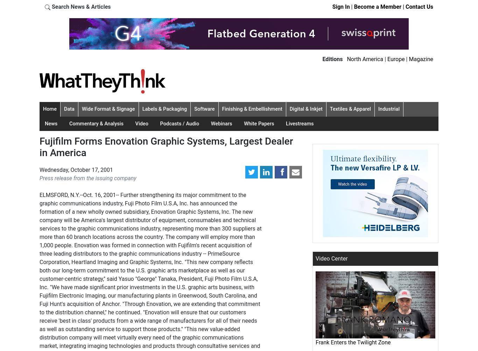 This screenshot has height=351, width=478. I want to click on 'Textiles & Apparel', so click(350, 108).